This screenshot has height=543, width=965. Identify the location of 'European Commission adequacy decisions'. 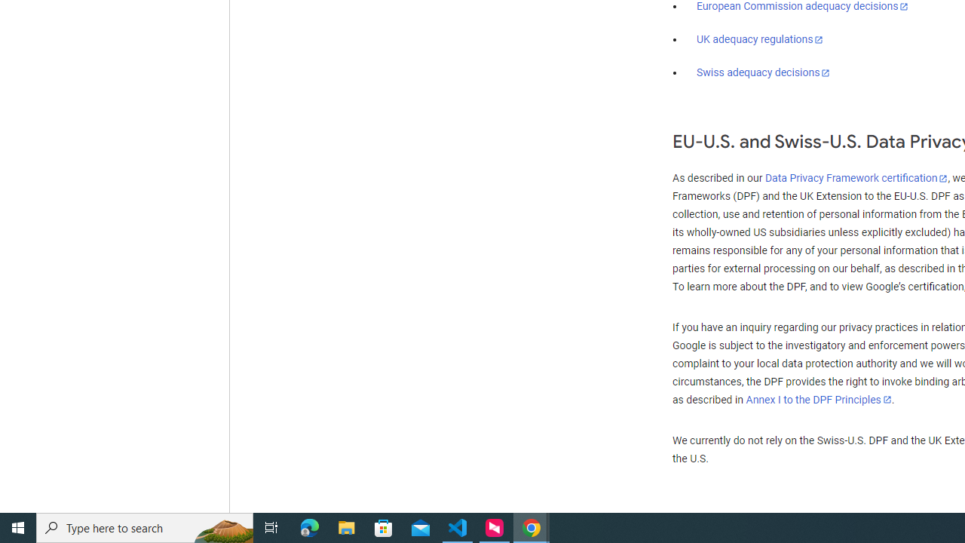
(801, 7).